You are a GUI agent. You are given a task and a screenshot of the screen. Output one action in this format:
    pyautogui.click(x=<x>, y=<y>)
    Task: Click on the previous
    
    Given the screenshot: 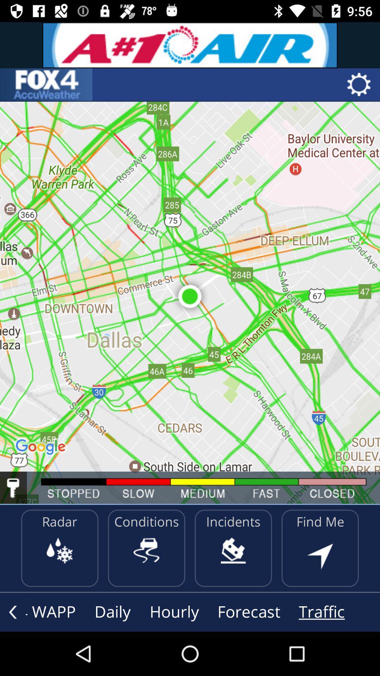 What is the action you would take?
    pyautogui.click(x=13, y=612)
    